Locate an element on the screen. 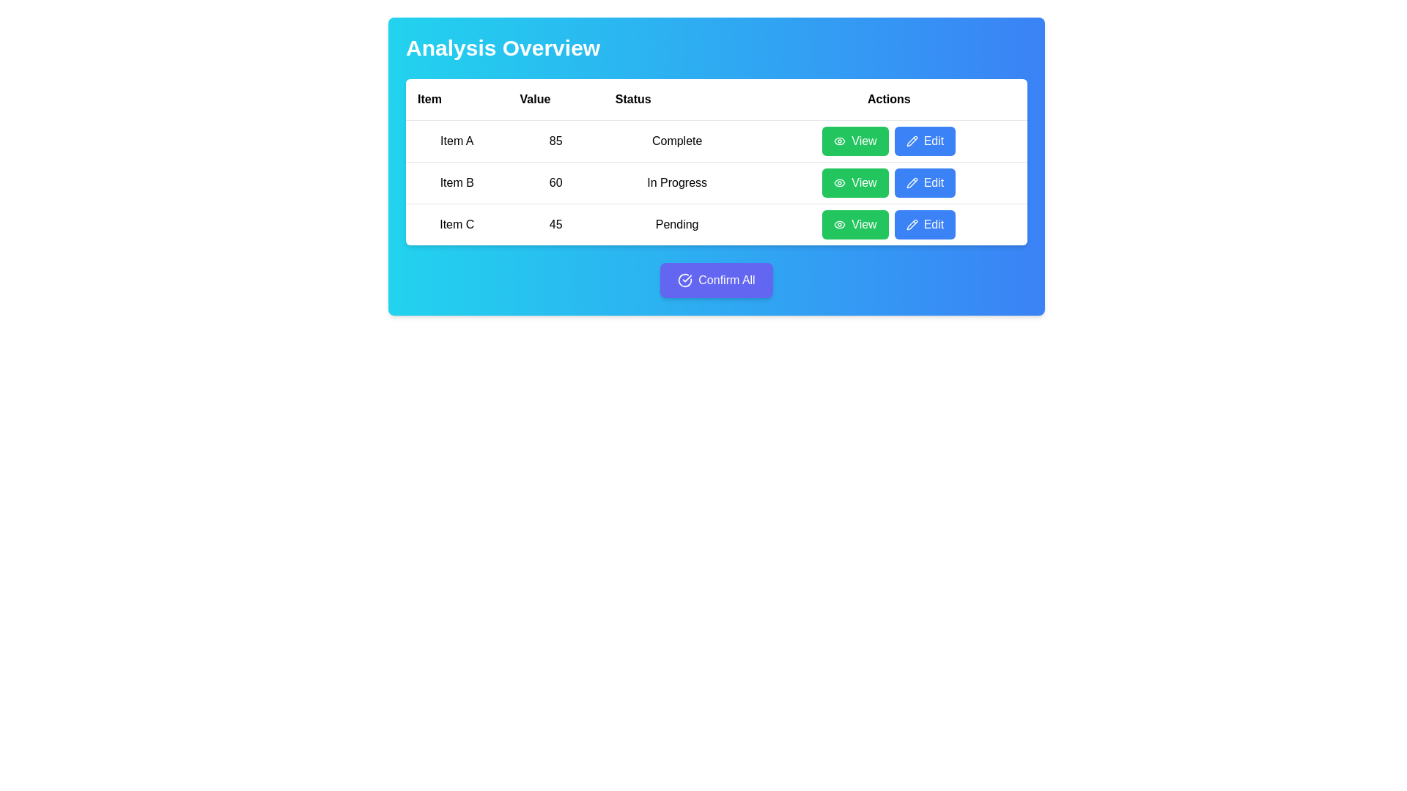  the text element reading 'Item B', which is located in the second row of the table under the 'Item' column is located at coordinates (456, 182).